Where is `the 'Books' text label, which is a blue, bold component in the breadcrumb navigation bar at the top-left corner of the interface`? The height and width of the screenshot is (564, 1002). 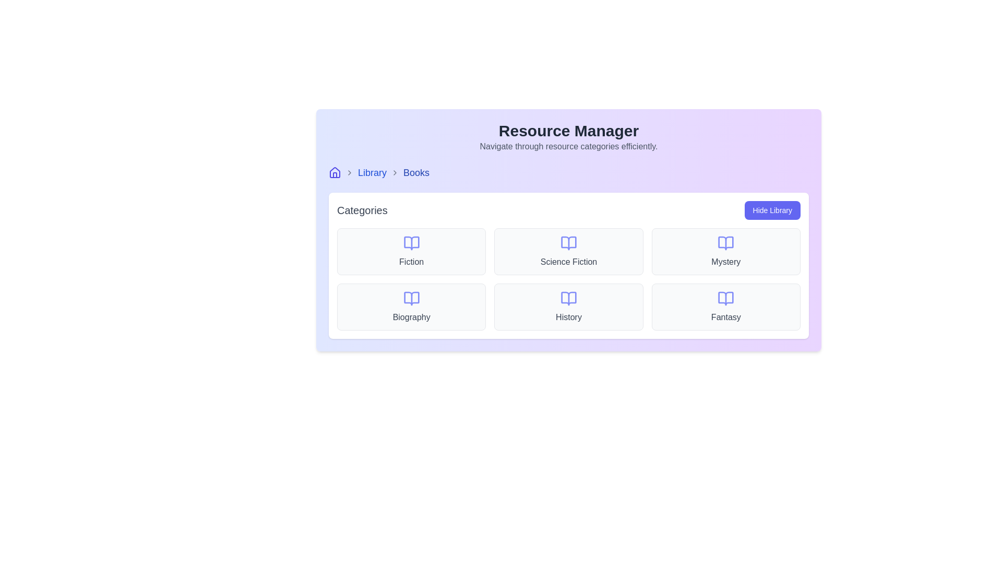
the 'Books' text label, which is a blue, bold component in the breadcrumb navigation bar at the top-left corner of the interface is located at coordinates (416, 172).